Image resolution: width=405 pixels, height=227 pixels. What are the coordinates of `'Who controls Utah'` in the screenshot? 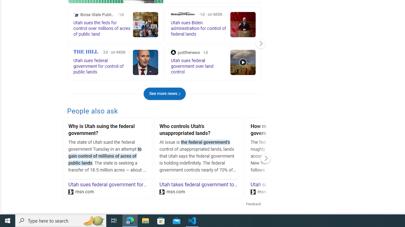 It's located at (198, 130).